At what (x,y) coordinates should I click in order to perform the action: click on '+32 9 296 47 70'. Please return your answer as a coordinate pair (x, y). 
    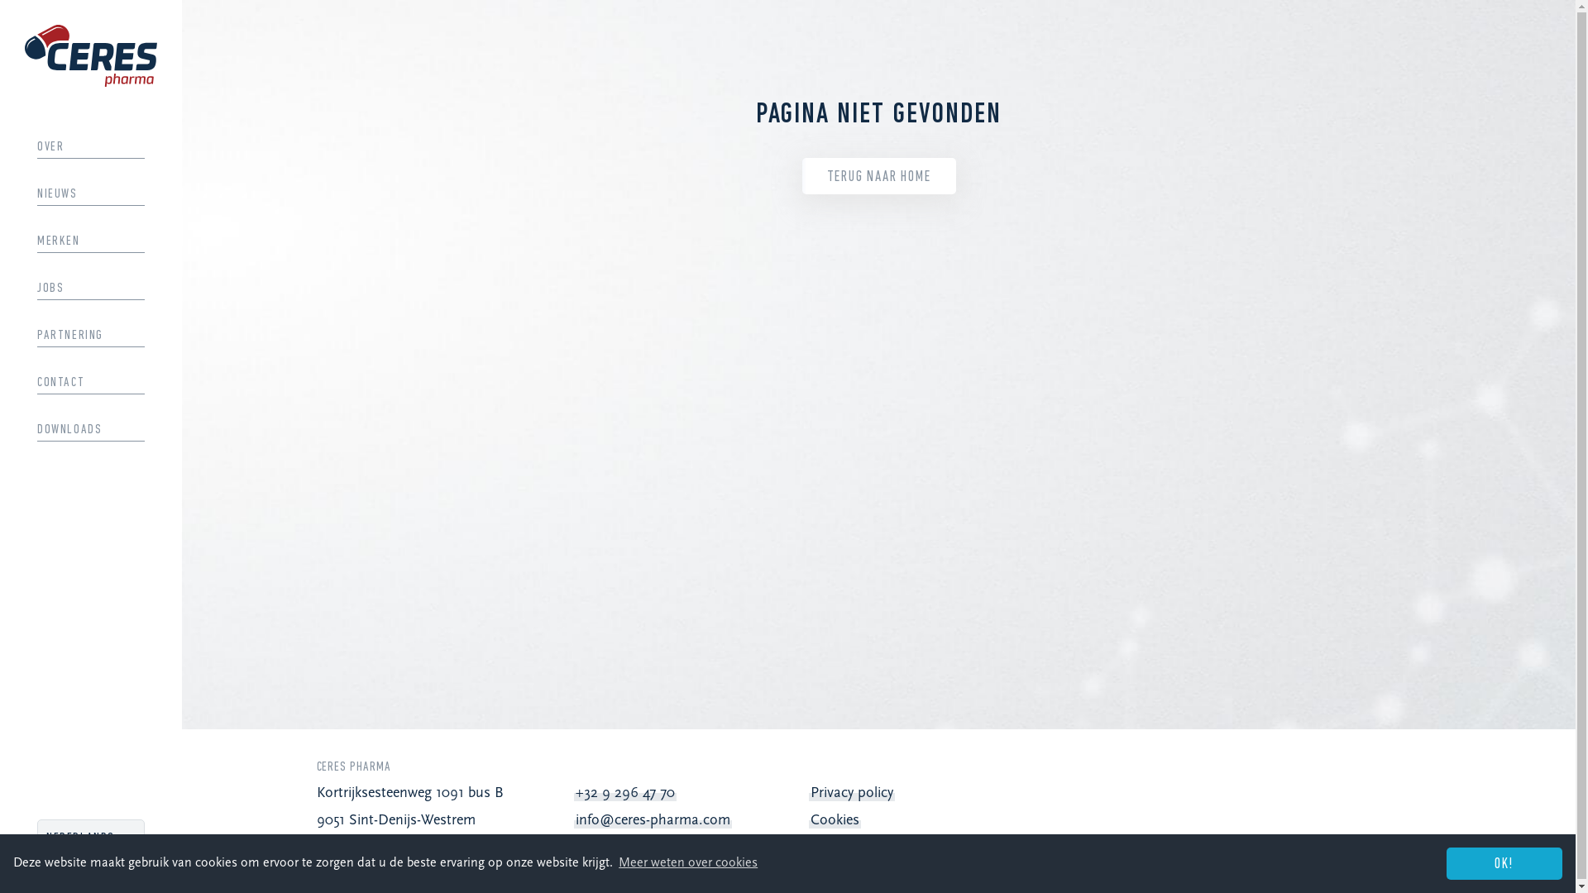
    Looking at the image, I should click on (624, 792).